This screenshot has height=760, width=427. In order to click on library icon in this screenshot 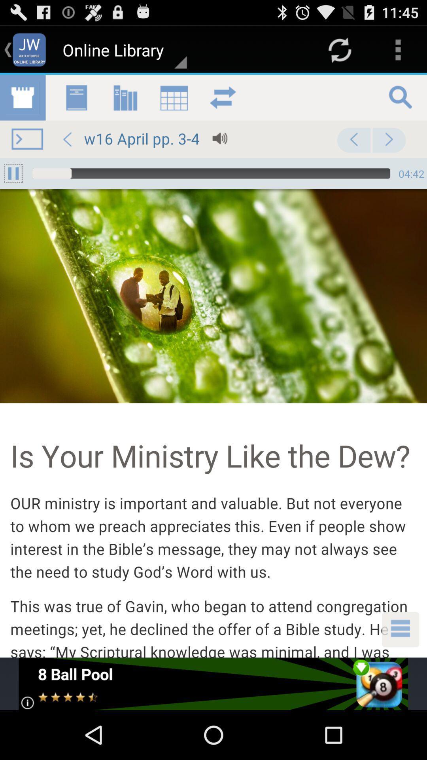, I will do `click(213, 366)`.